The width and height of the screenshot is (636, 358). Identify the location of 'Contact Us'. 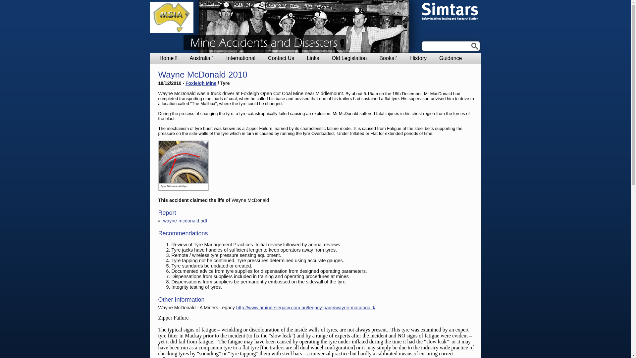
(268, 58).